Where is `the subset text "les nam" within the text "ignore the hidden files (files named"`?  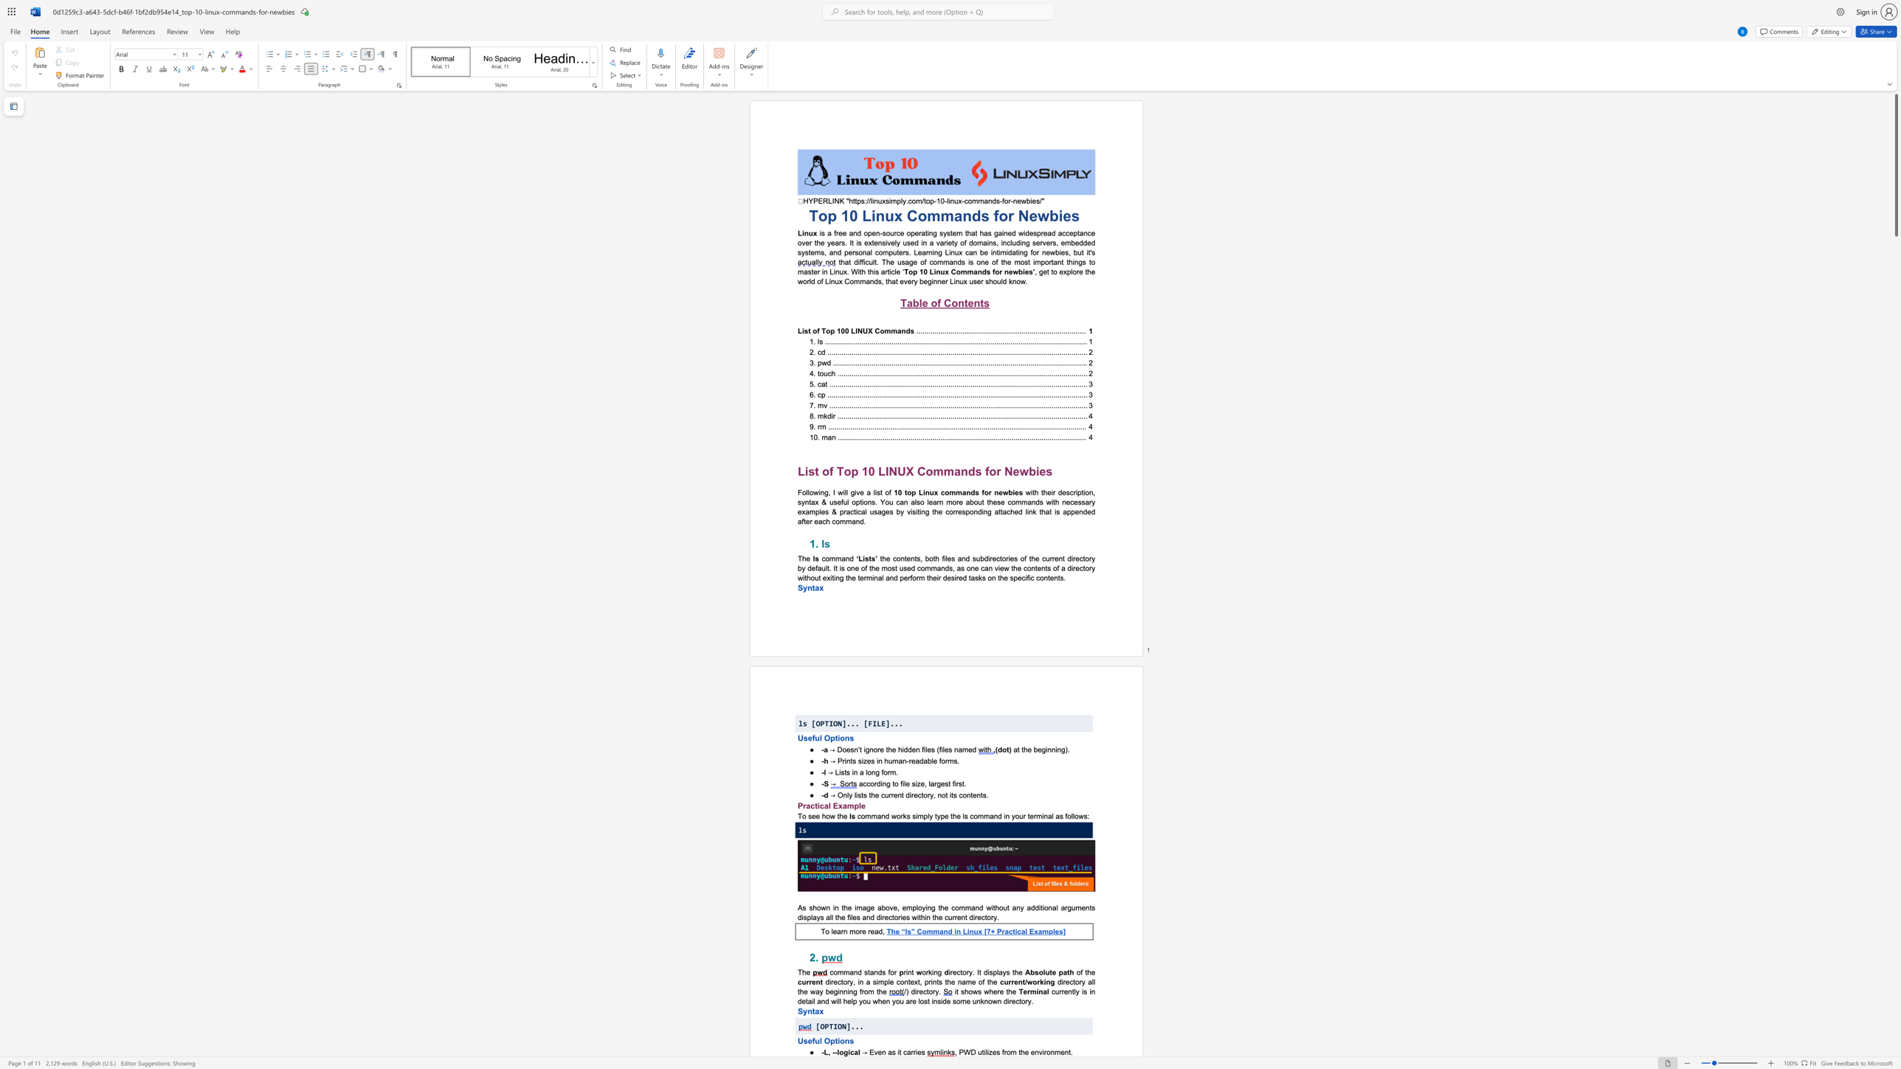
the subset text "les nam" within the text "ignore the hidden files (files named" is located at coordinates (942, 748).